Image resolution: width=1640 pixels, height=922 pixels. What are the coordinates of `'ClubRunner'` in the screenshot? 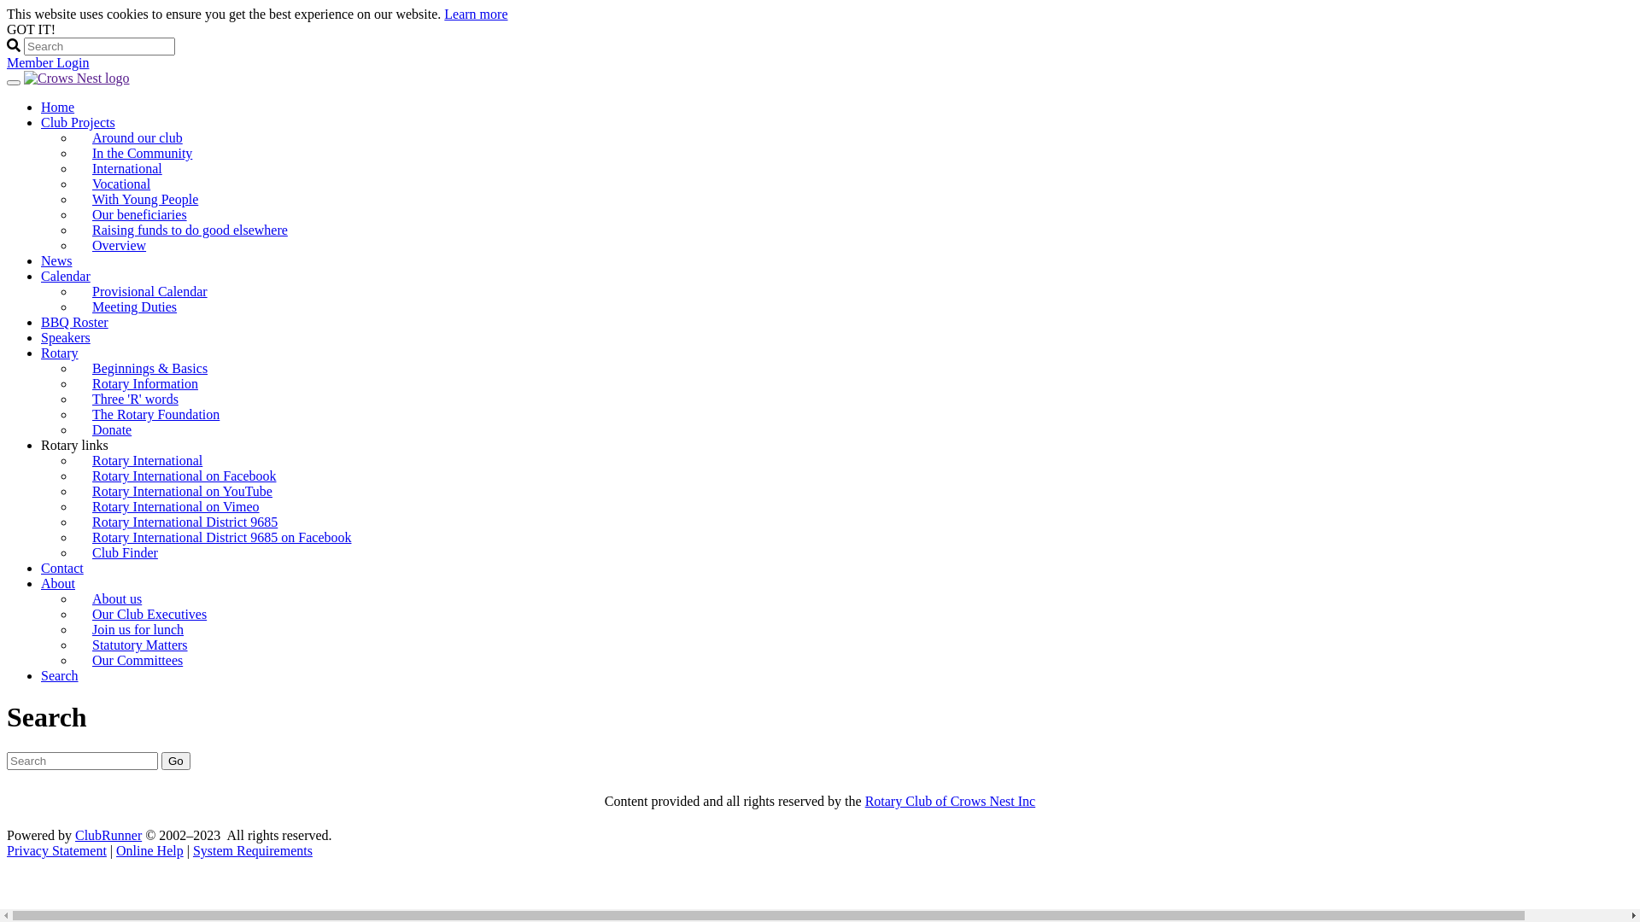 It's located at (107, 834).